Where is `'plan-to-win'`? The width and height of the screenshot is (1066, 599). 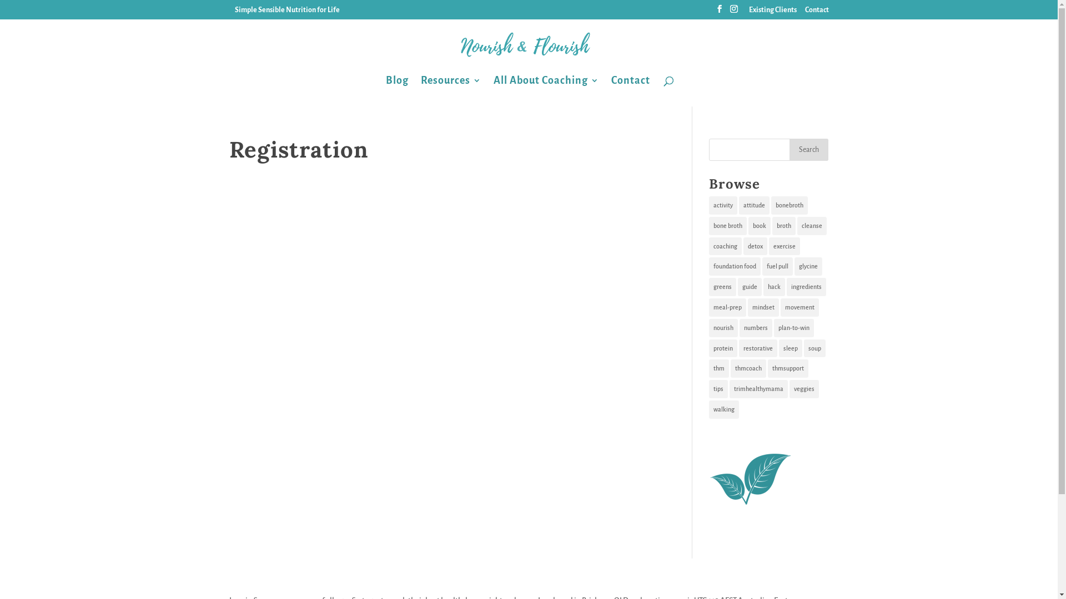
'plan-to-win' is located at coordinates (793, 327).